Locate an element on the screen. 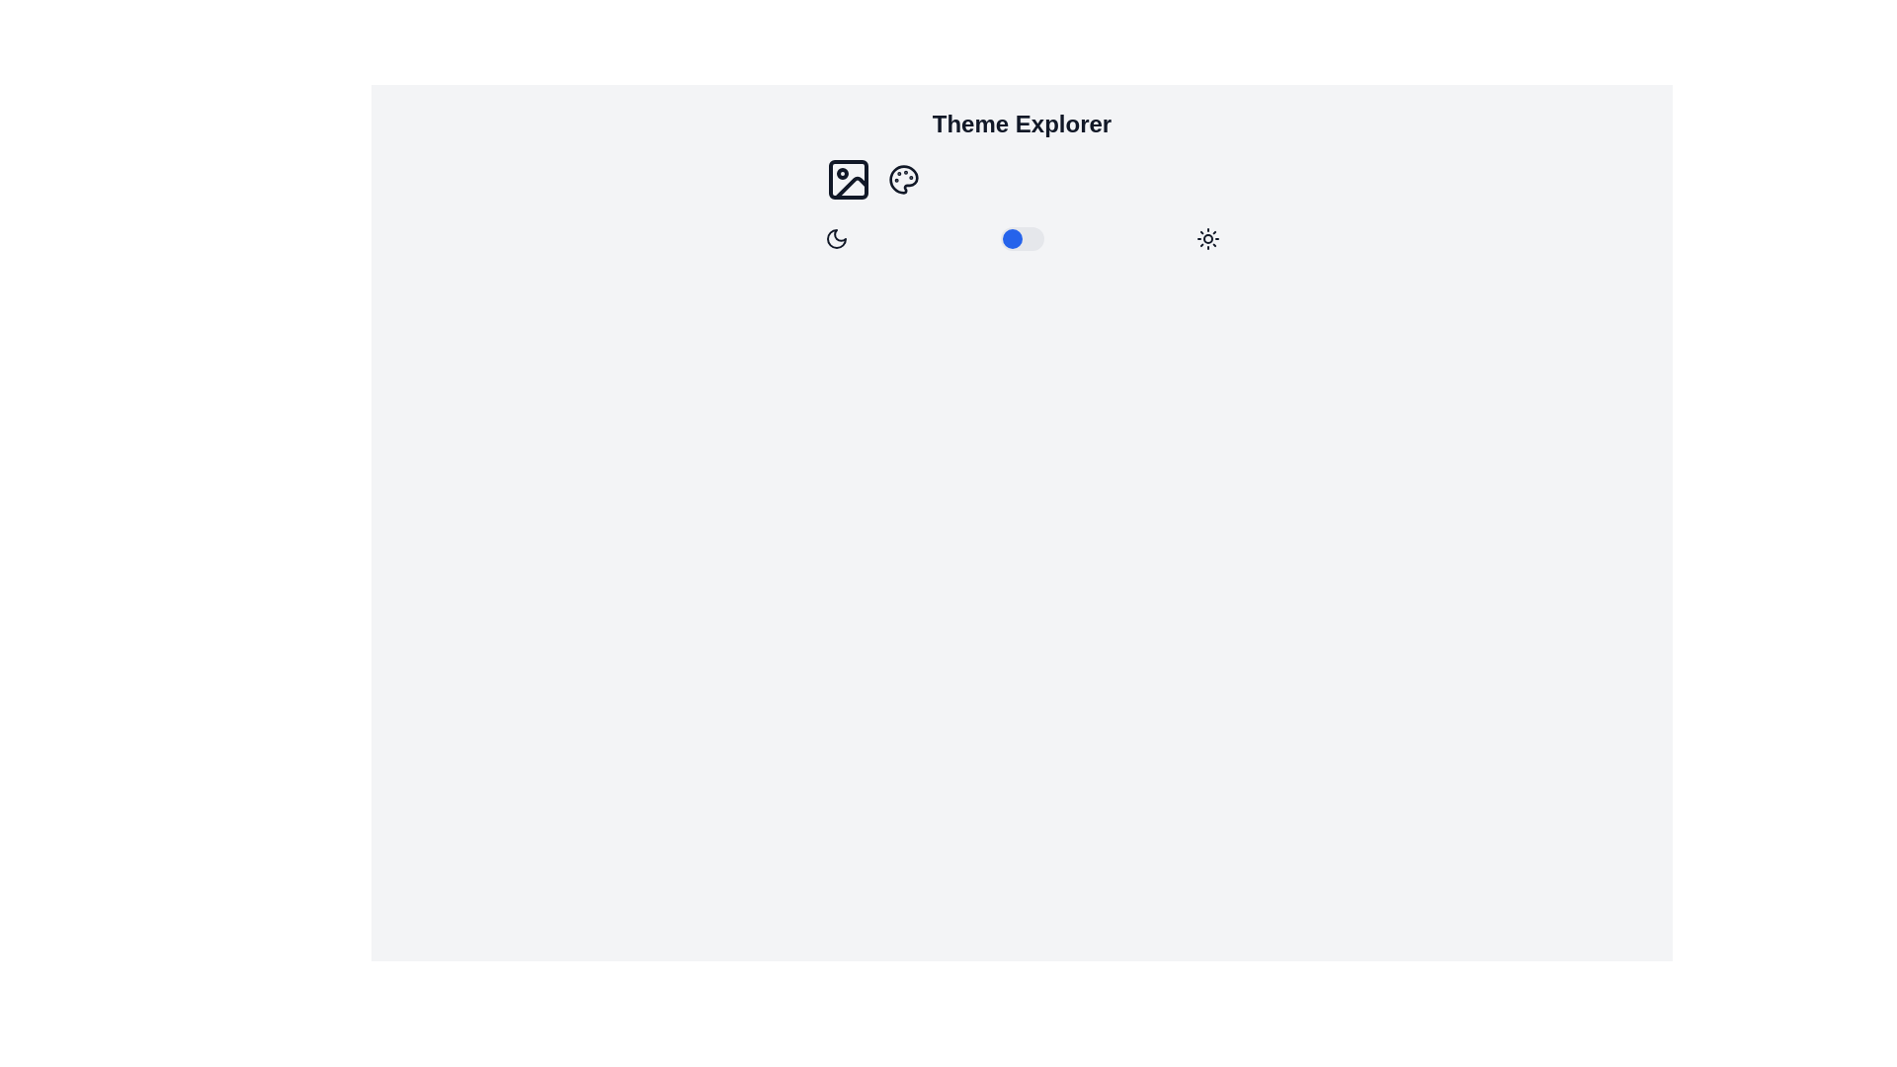 The height and width of the screenshot is (1067, 1897). the toggle switch, which has a light background and a blue knob, to change its state is located at coordinates (1022, 238).